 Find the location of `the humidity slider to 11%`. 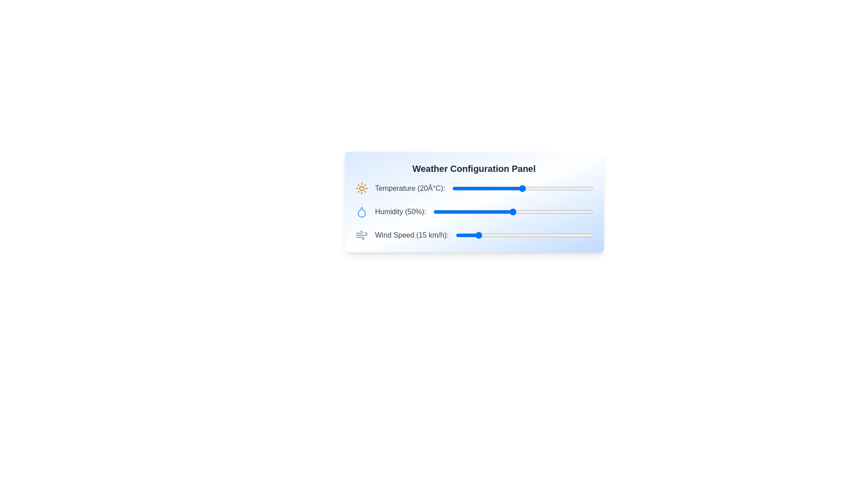

the humidity slider to 11% is located at coordinates (451, 211).